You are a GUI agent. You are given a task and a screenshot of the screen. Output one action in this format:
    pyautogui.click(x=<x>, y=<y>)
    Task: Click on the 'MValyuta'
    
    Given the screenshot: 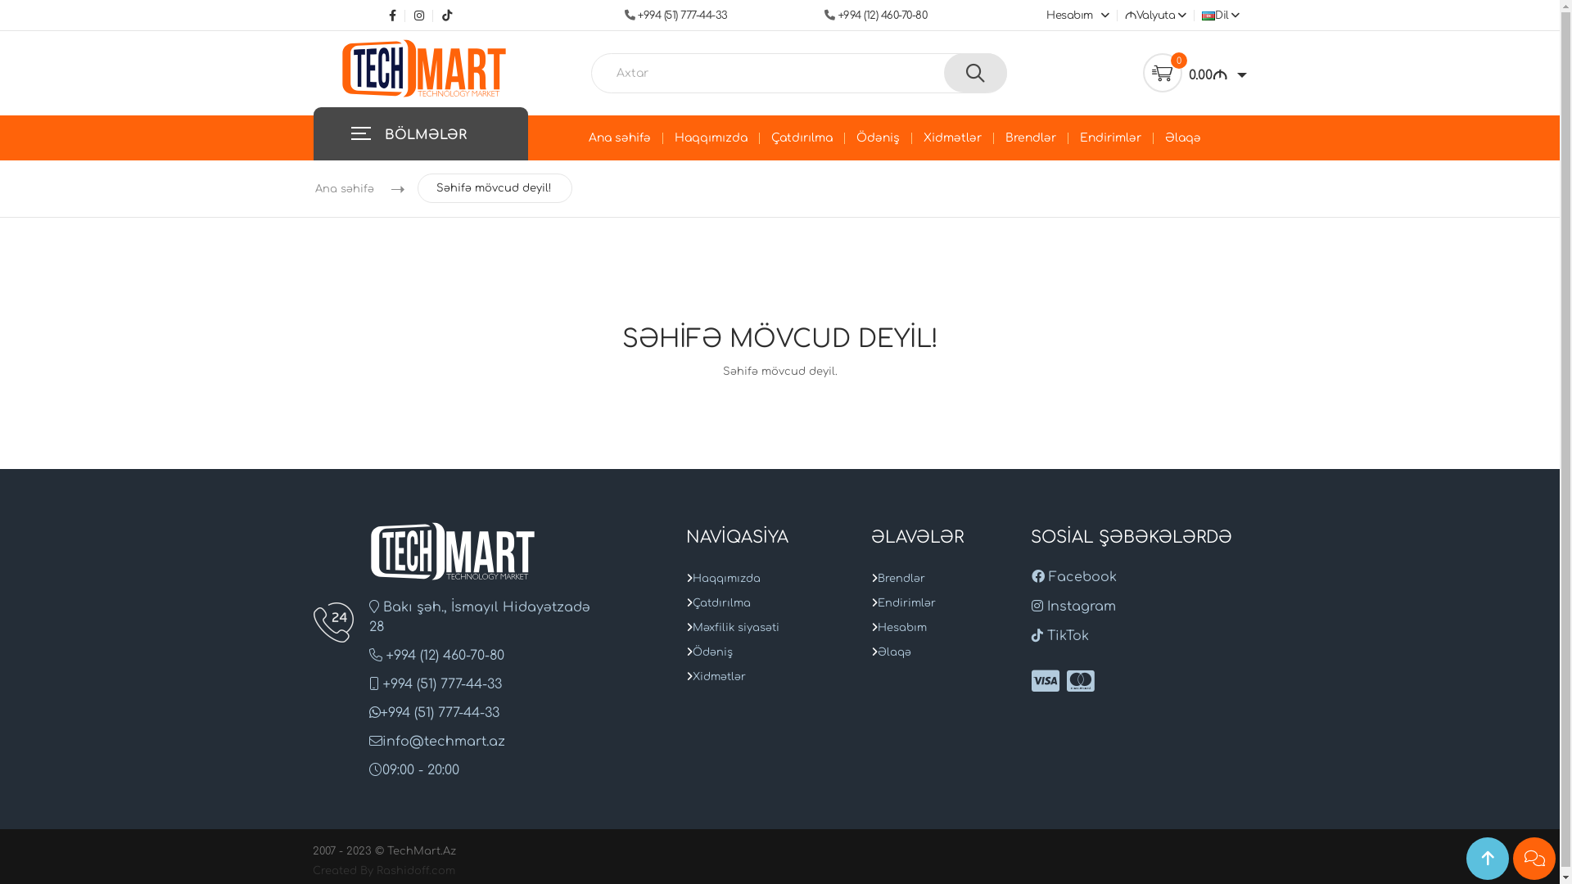 What is the action you would take?
    pyautogui.click(x=1153, y=16)
    